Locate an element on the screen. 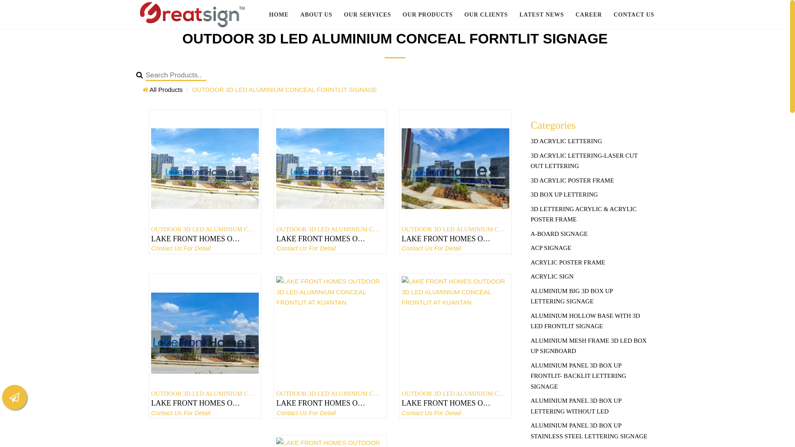 Image resolution: width=795 pixels, height=447 pixels. ' All Products' is located at coordinates (162, 89).